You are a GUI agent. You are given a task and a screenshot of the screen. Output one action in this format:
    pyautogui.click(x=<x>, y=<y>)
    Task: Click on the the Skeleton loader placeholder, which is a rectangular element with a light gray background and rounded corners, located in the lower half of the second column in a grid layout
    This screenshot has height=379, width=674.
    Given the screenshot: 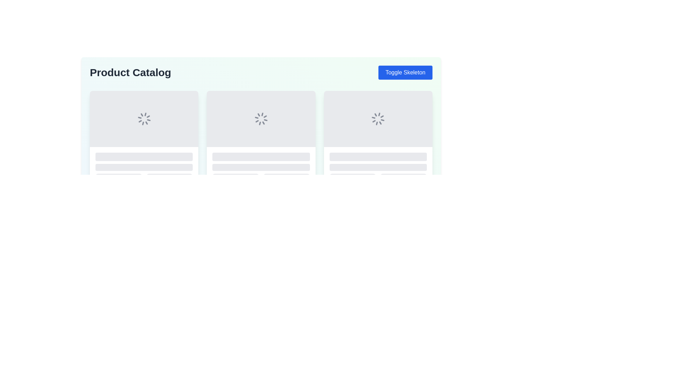 What is the action you would take?
    pyautogui.click(x=170, y=176)
    